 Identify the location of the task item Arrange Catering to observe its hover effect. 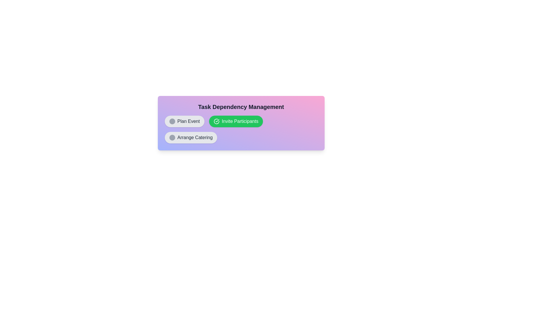
(191, 137).